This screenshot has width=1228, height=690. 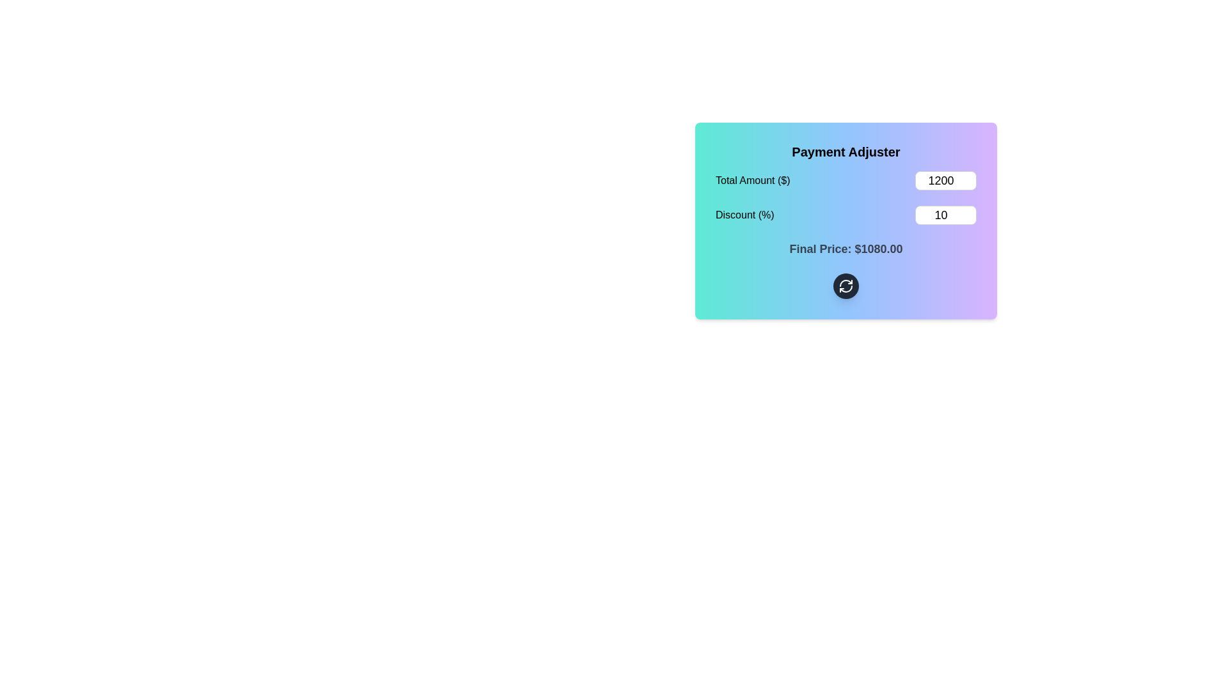 What do you see at coordinates (945, 180) in the screenshot?
I see `the text input field that displays the numeric value '1200' located to the right of the label 'Total Amount ($)'` at bounding box center [945, 180].